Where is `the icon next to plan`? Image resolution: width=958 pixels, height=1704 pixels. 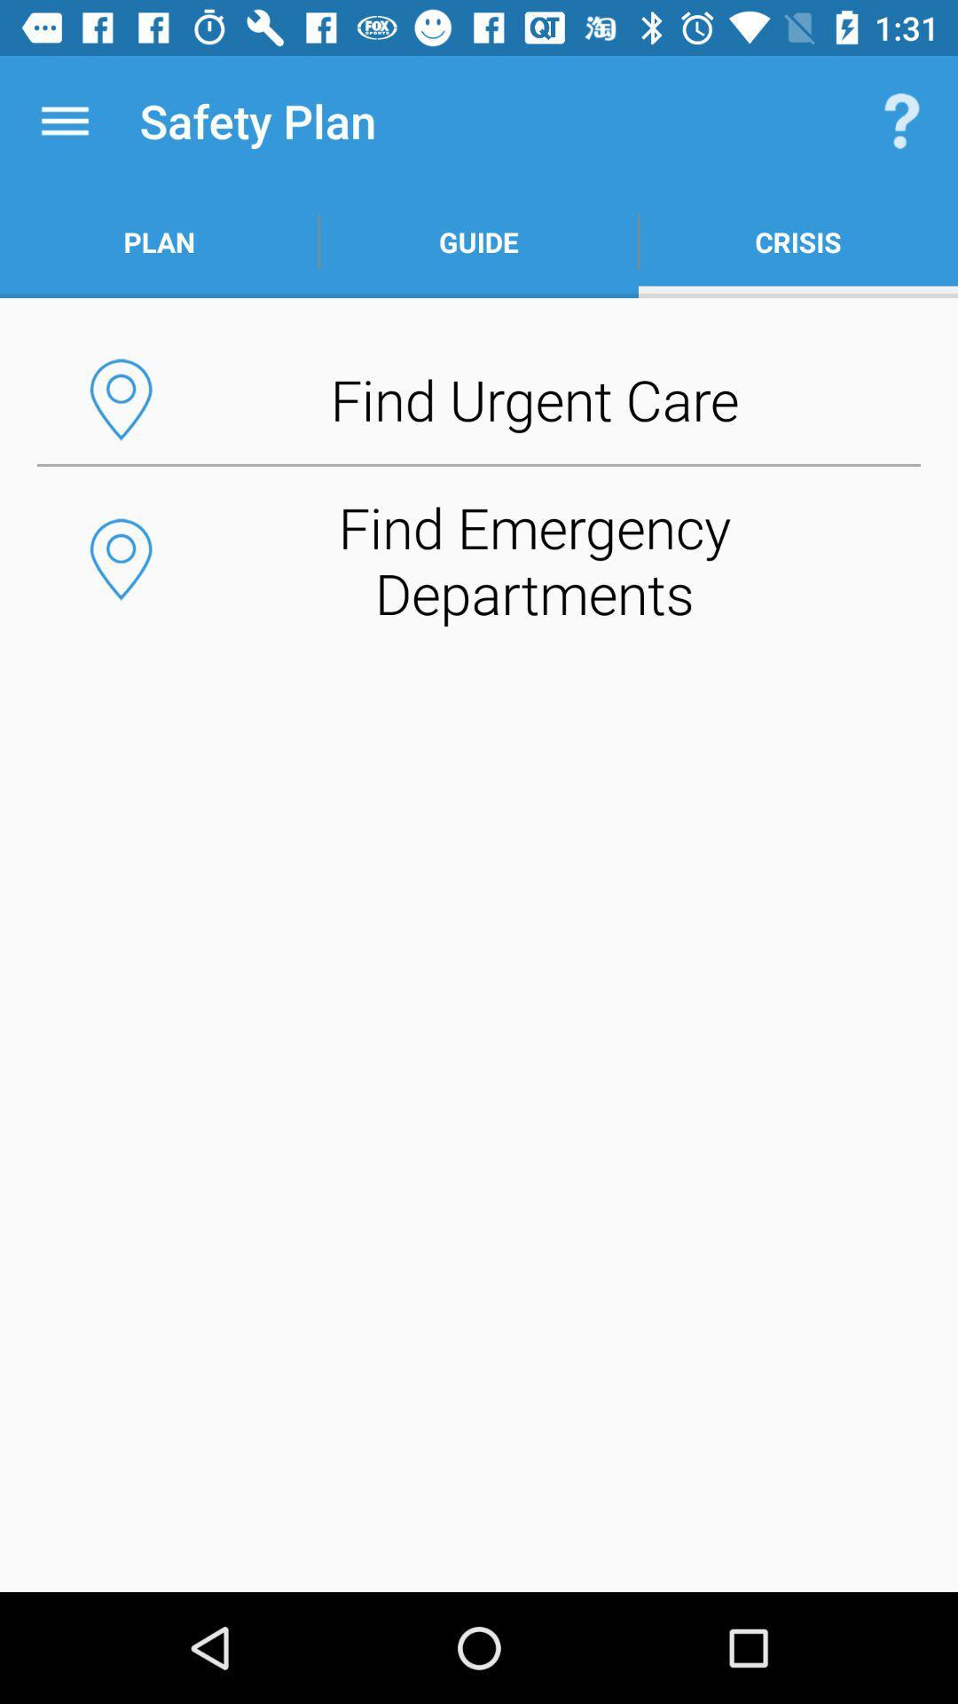
the icon next to plan is located at coordinates (479, 241).